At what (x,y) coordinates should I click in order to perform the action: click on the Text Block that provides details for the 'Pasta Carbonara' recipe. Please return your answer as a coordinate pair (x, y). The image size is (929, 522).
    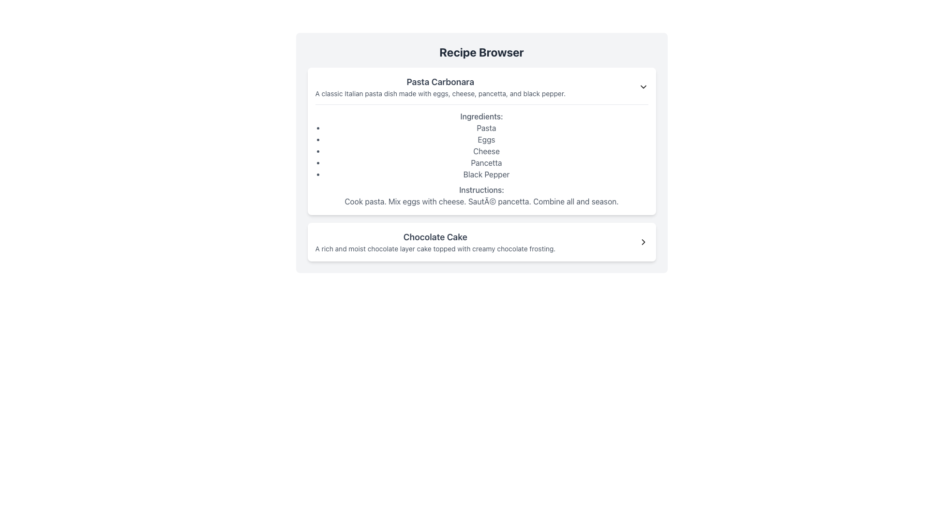
    Looking at the image, I should click on (481, 155).